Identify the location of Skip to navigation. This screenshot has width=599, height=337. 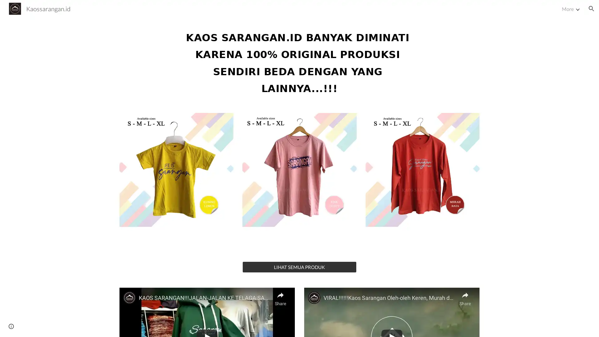
(355, 12).